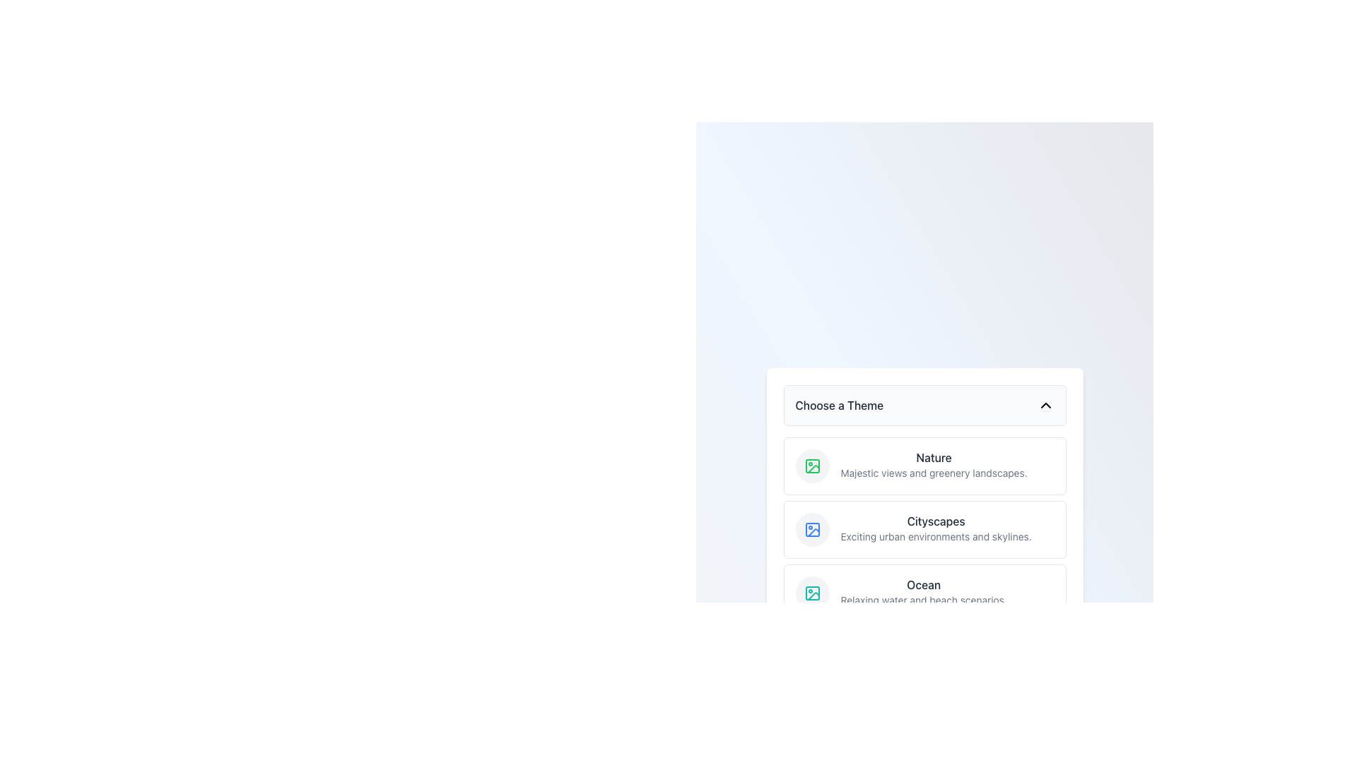 This screenshot has width=1357, height=763. I want to click on the first list item titled 'Nature' with a green image icon, so click(911, 466).